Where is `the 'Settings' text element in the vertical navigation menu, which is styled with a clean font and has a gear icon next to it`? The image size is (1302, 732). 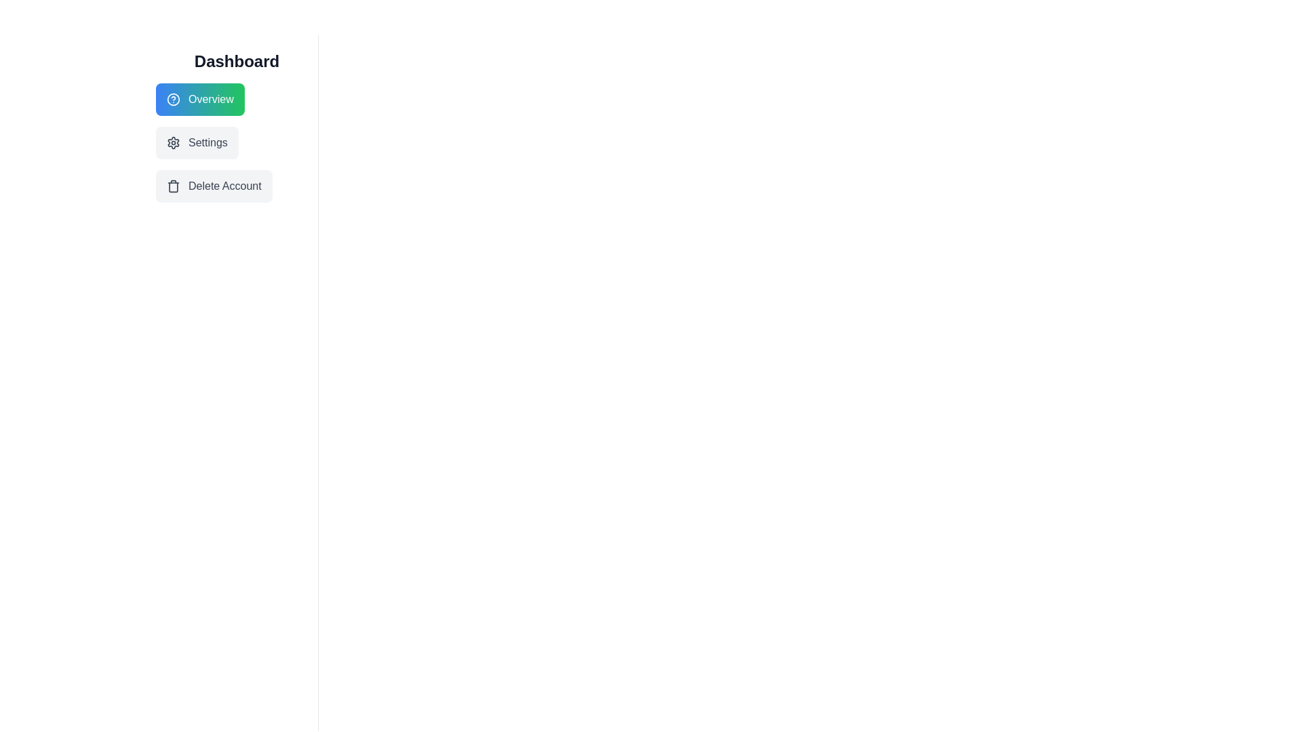 the 'Settings' text element in the vertical navigation menu, which is styled with a clean font and has a gear icon next to it is located at coordinates (207, 143).